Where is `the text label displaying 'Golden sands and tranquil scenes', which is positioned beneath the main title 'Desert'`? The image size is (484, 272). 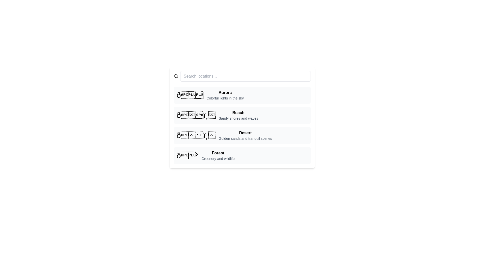
the text label displaying 'Golden sands and tranquil scenes', which is positioned beneath the main title 'Desert' is located at coordinates (245, 139).